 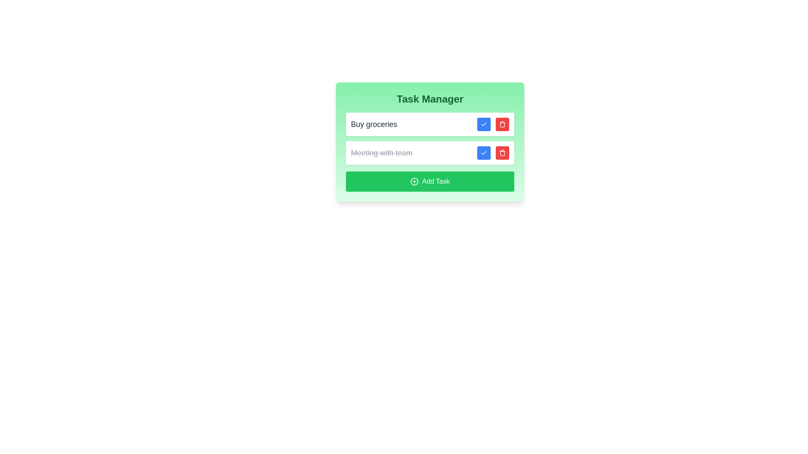 What do you see at coordinates (381, 153) in the screenshot?
I see `the text label that states 'Meeting with team', which is styled with a line-through effect indicating a completed task` at bounding box center [381, 153].